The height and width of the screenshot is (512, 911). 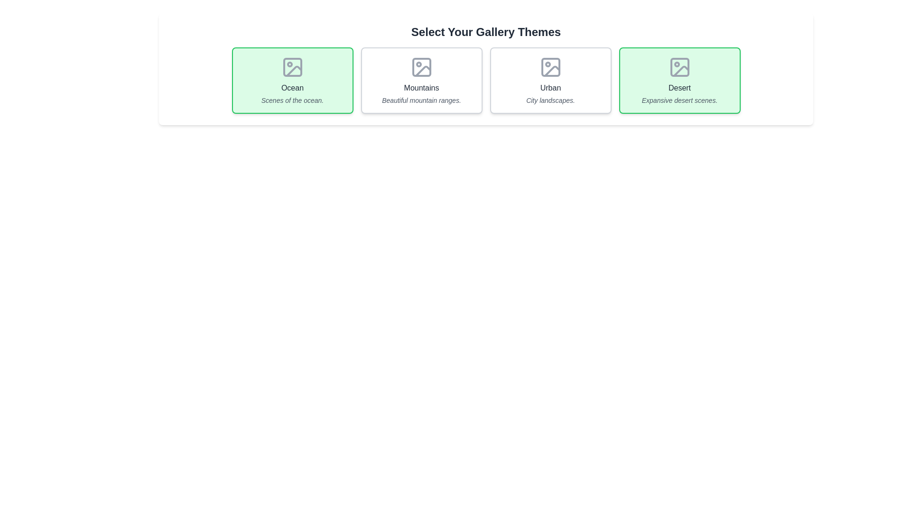 What do you see at coordinates (421, 80) in the screenshot?
I see `the tag labeled Mountains` at bounding box center [421, 80].